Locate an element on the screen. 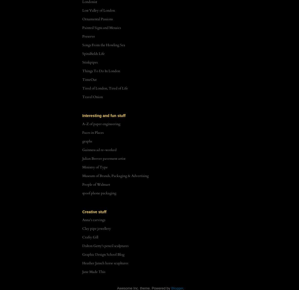  'Dalton Getty's pencil sculptures' is located at coordinates (105, 246).